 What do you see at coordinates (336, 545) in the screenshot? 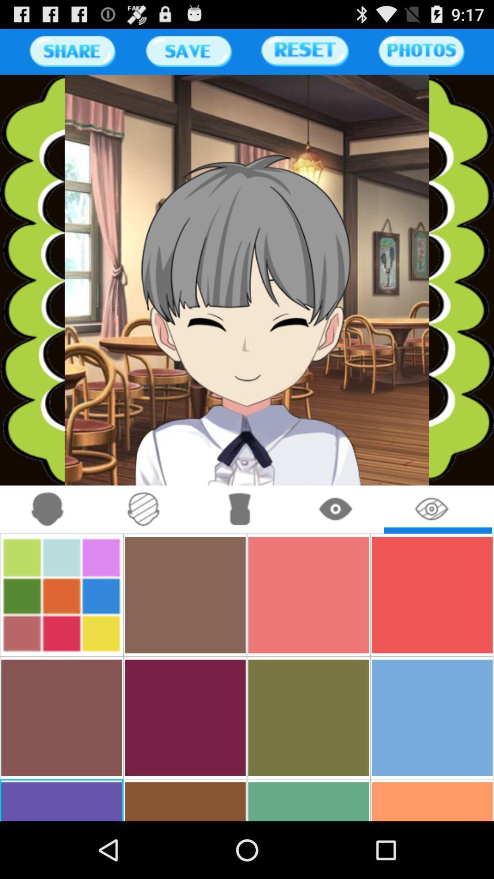
I see `the visibility icon` at bounding box center [336, 545].